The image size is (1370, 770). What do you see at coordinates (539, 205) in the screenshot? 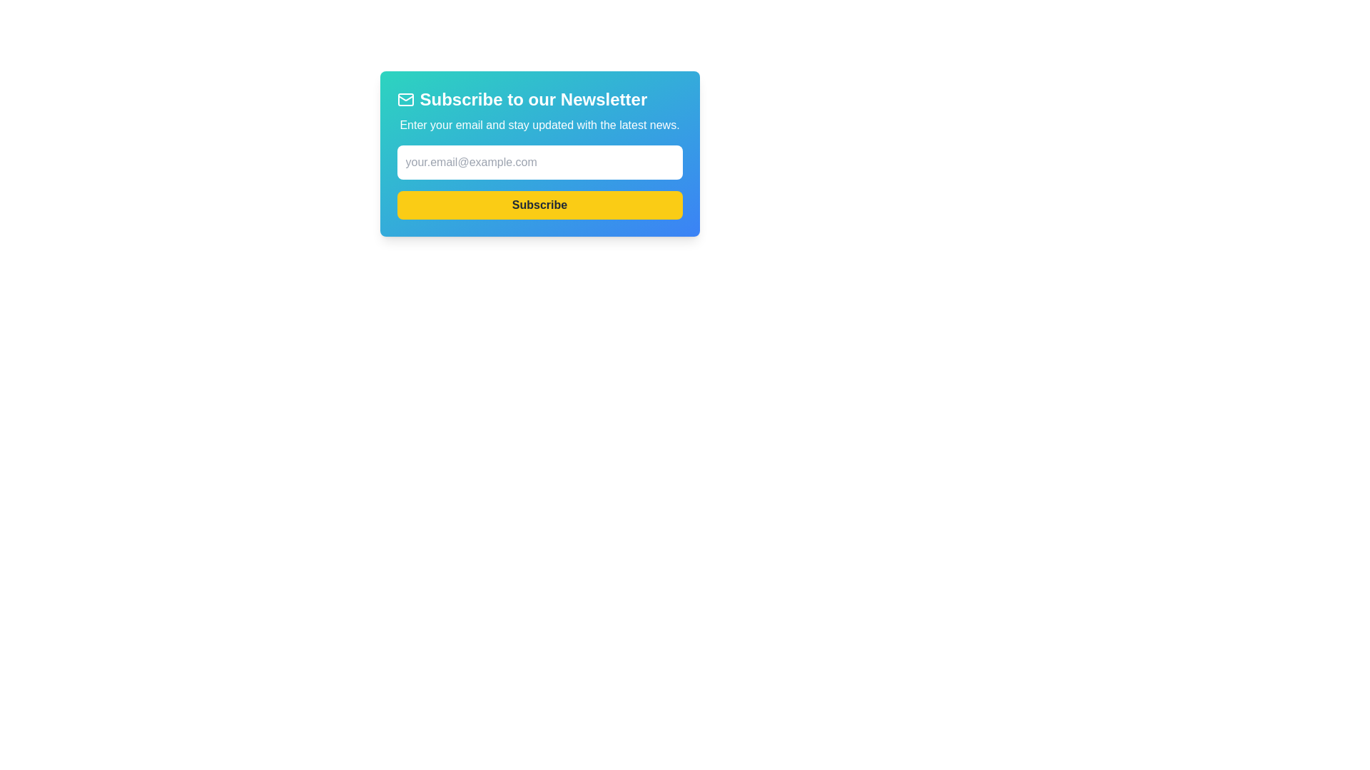
I see `the 'Subscribe' button, which is a vibrant yellow rectangular button with rounded corners and bold gray text, to trigger the color change effect` at bounding box center [539, 205].